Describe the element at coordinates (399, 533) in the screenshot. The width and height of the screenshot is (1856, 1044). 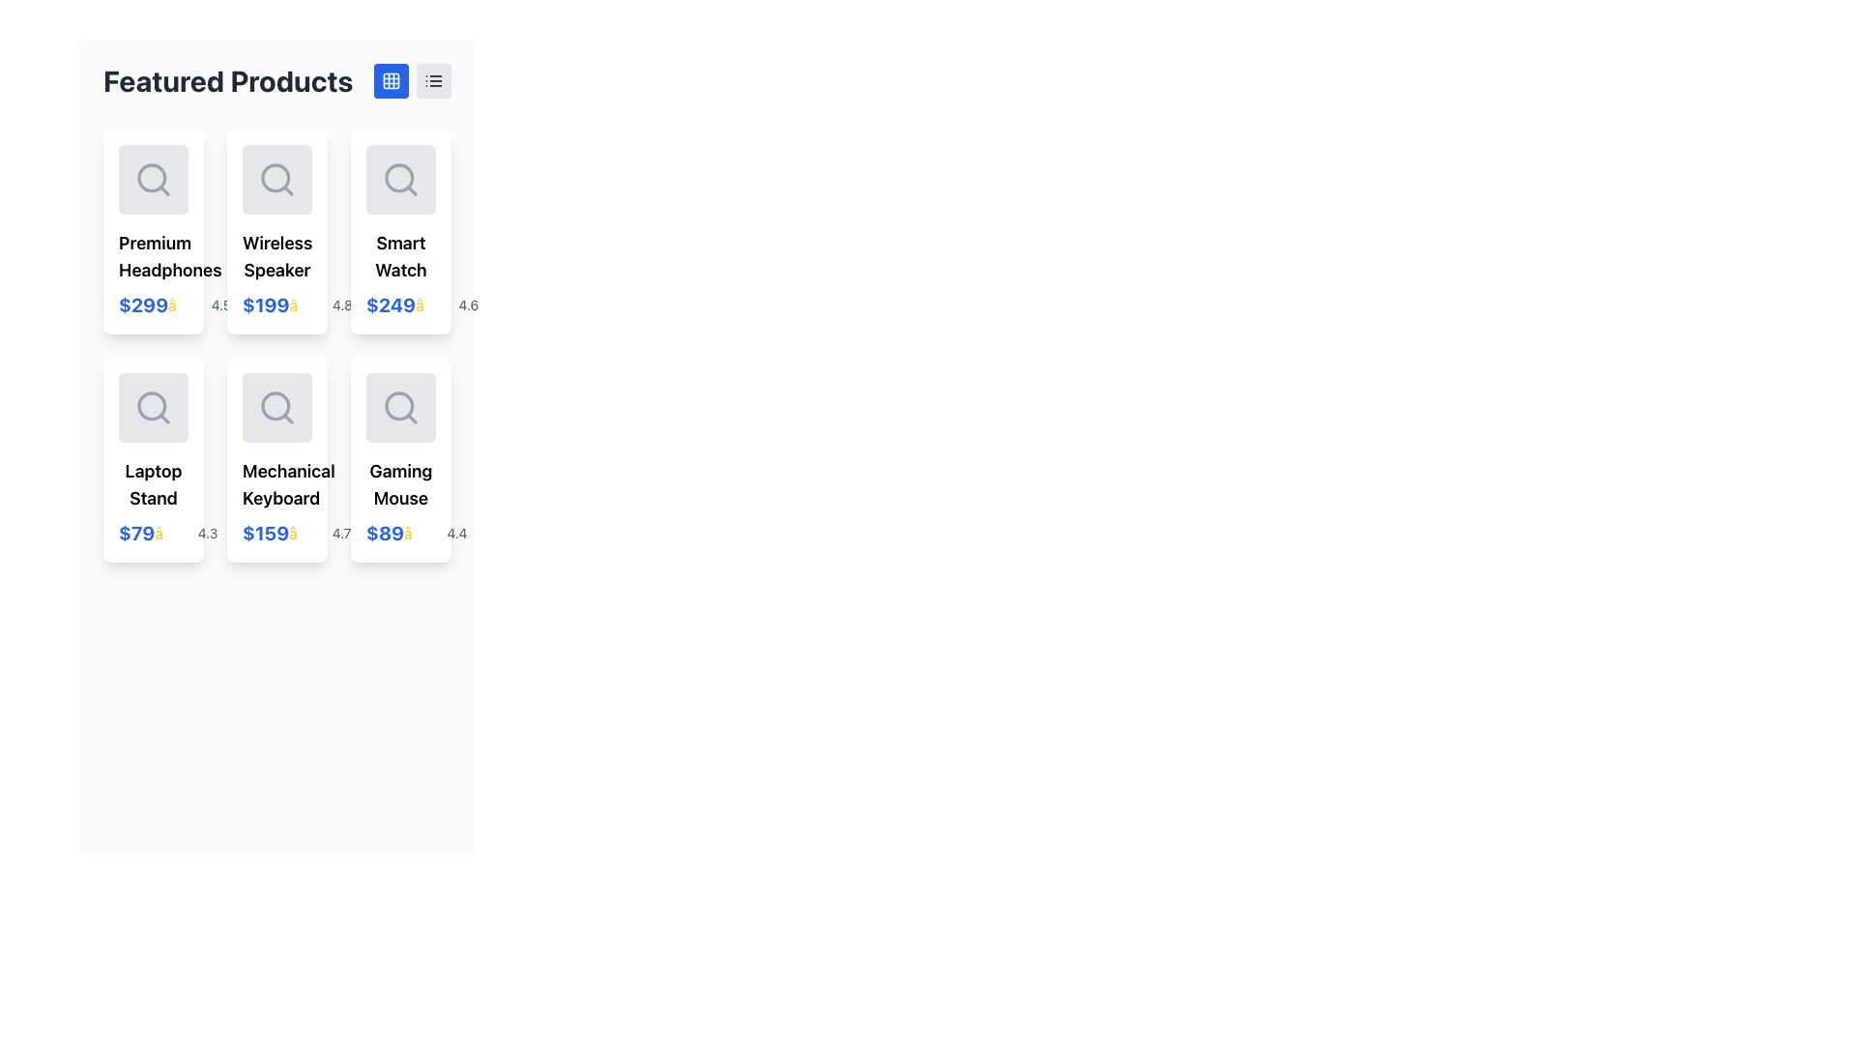
I see `price and rating displayed in the Text and Icon Display located at the bottom-right of the 'Gaming Mouse' card component, positioned below the product title` at that location.